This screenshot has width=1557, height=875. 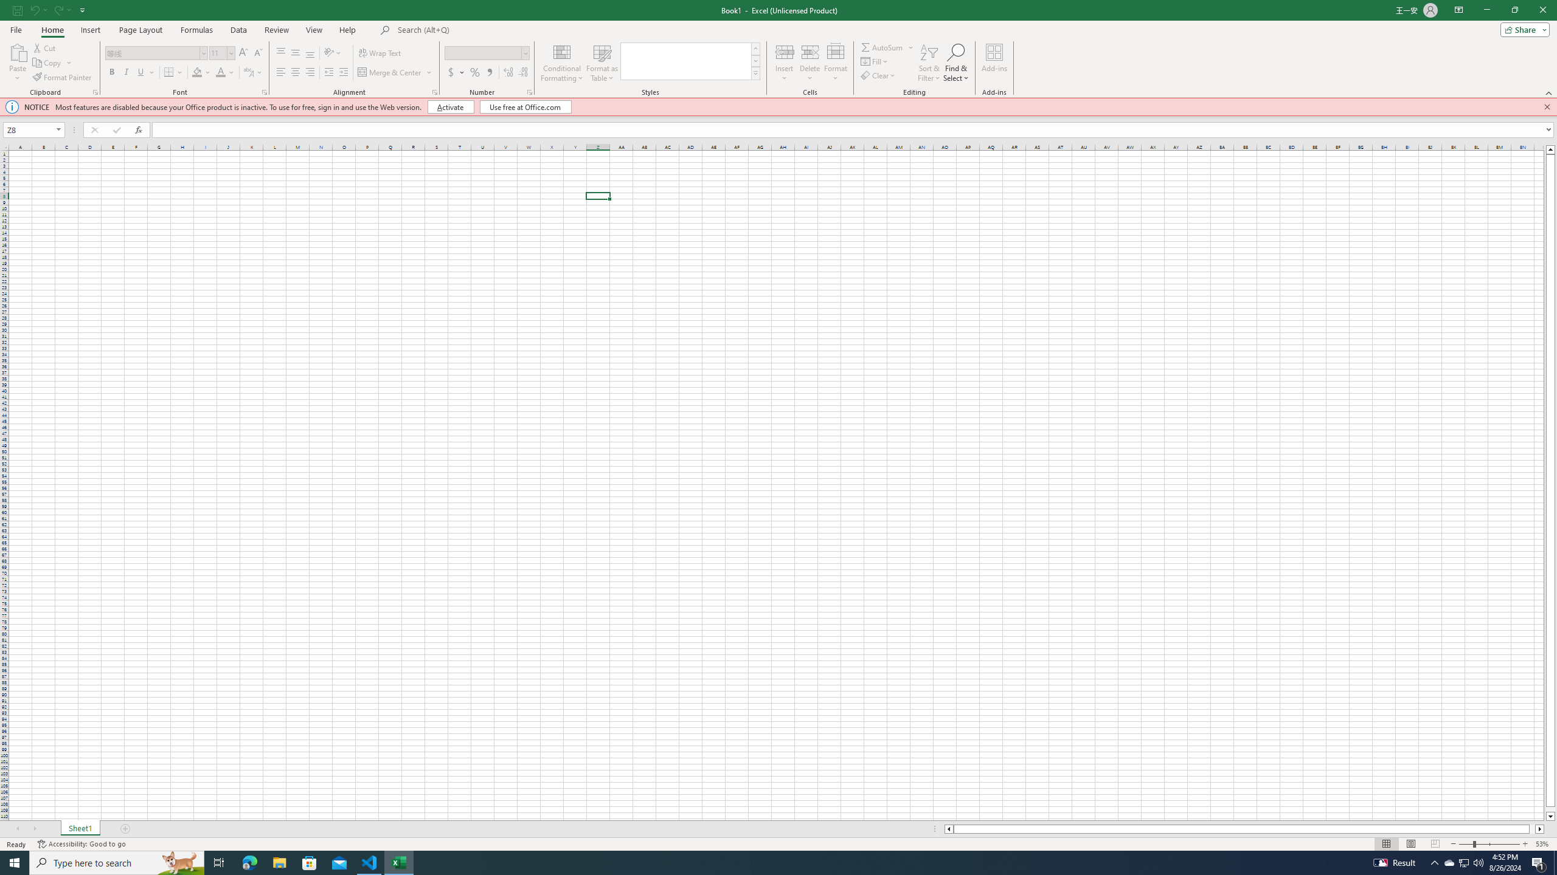 What do you see at coordinates (523, 72) in the screenshot?
I see `'Decrease Decimal'` at bounding box center [523, 72].